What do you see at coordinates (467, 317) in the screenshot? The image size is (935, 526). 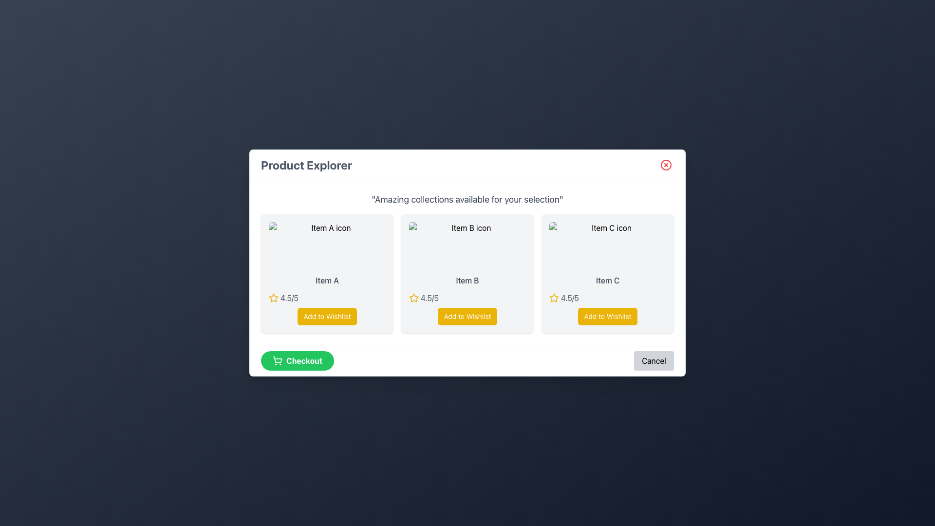 I see `the 'Add to Wishlist' button for Item B to activate the hover effect` at bounding box center [467, 317].